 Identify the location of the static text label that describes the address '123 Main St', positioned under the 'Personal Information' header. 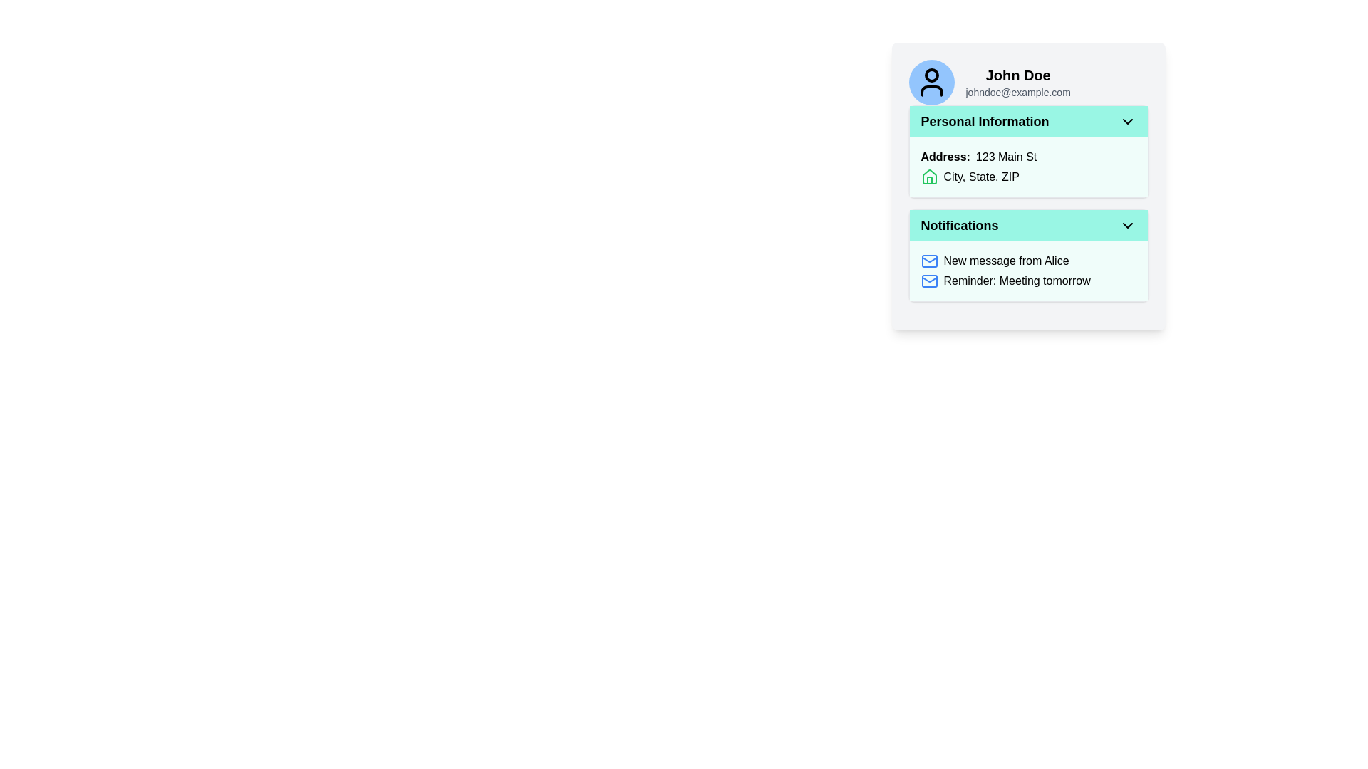
(945, 157).